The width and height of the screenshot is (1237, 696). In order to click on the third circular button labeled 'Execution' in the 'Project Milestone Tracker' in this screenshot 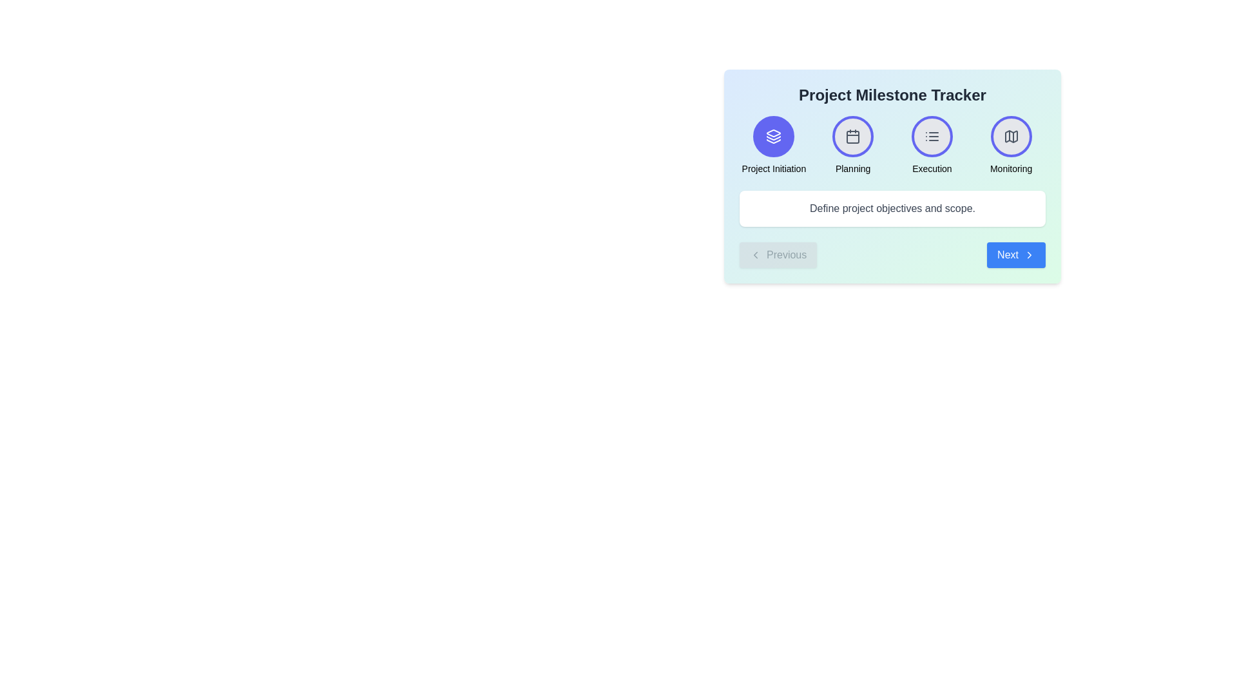, I will do `click(932, 137)`.